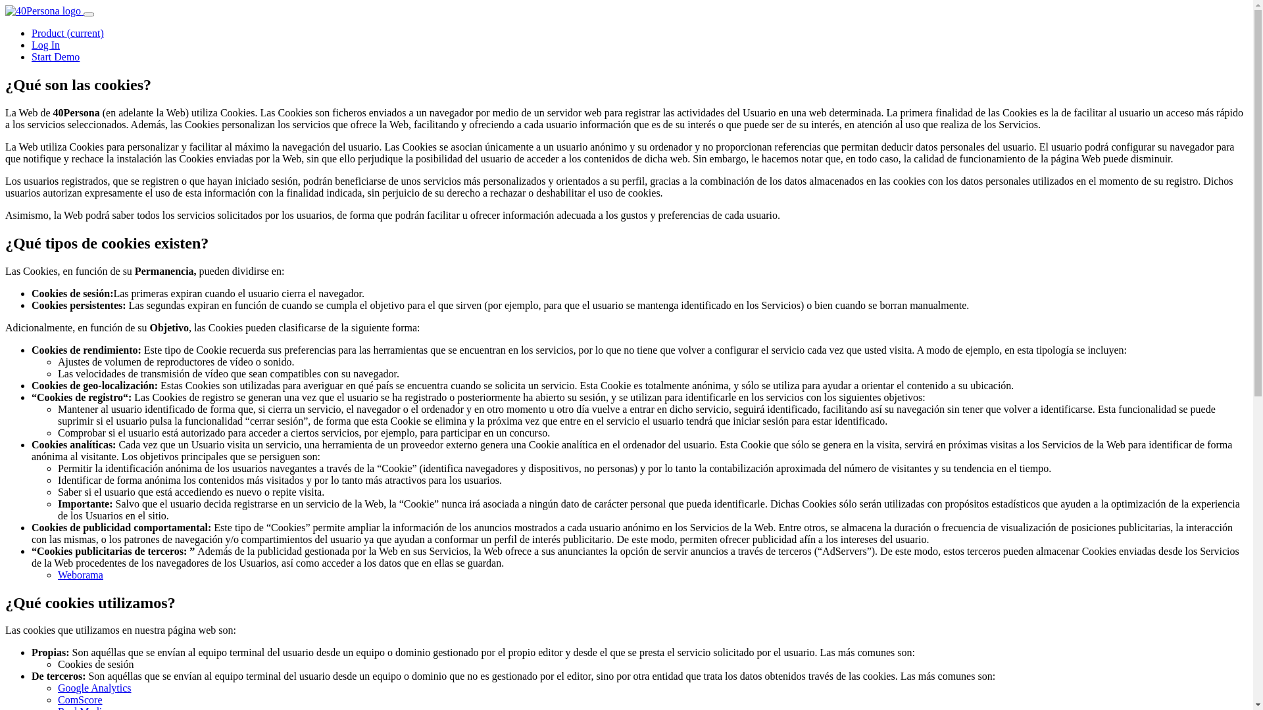 This screenshot has width=1263, height=710. I want to click on 'ComScore', so click(57, 699).